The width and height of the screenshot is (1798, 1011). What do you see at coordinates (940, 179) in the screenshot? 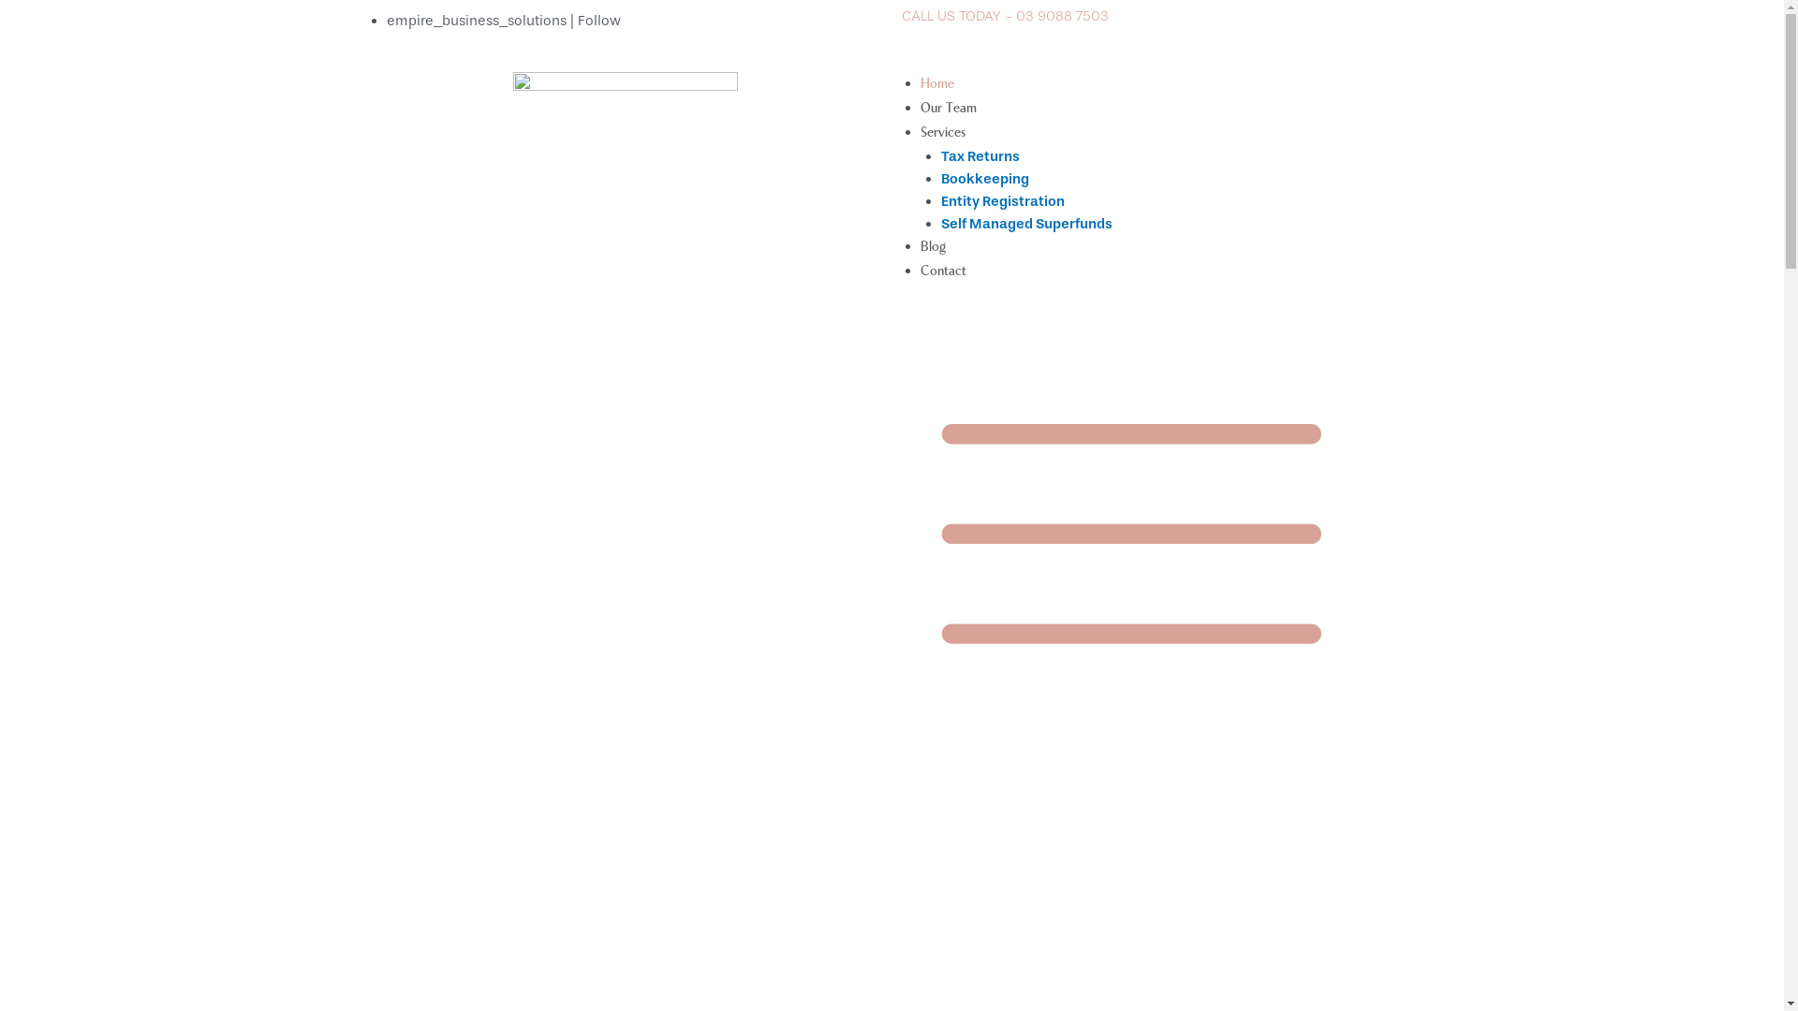
I see `'Bookkeeping'` at bounding box center [940, 179].